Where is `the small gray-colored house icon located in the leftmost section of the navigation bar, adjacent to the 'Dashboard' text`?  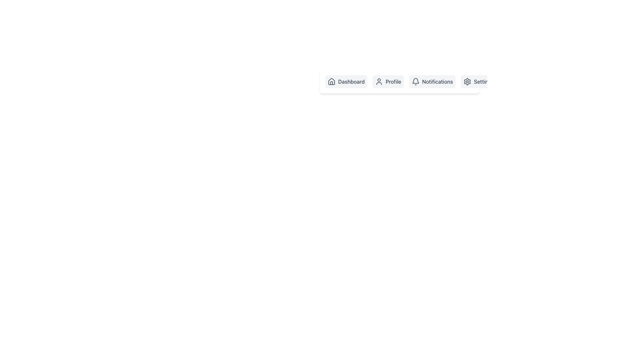
the small gray-colored house icon located in the leftmost section of the navigation bar, adjacent to the 'Dashboard' text is located at coordinates (331, 81).